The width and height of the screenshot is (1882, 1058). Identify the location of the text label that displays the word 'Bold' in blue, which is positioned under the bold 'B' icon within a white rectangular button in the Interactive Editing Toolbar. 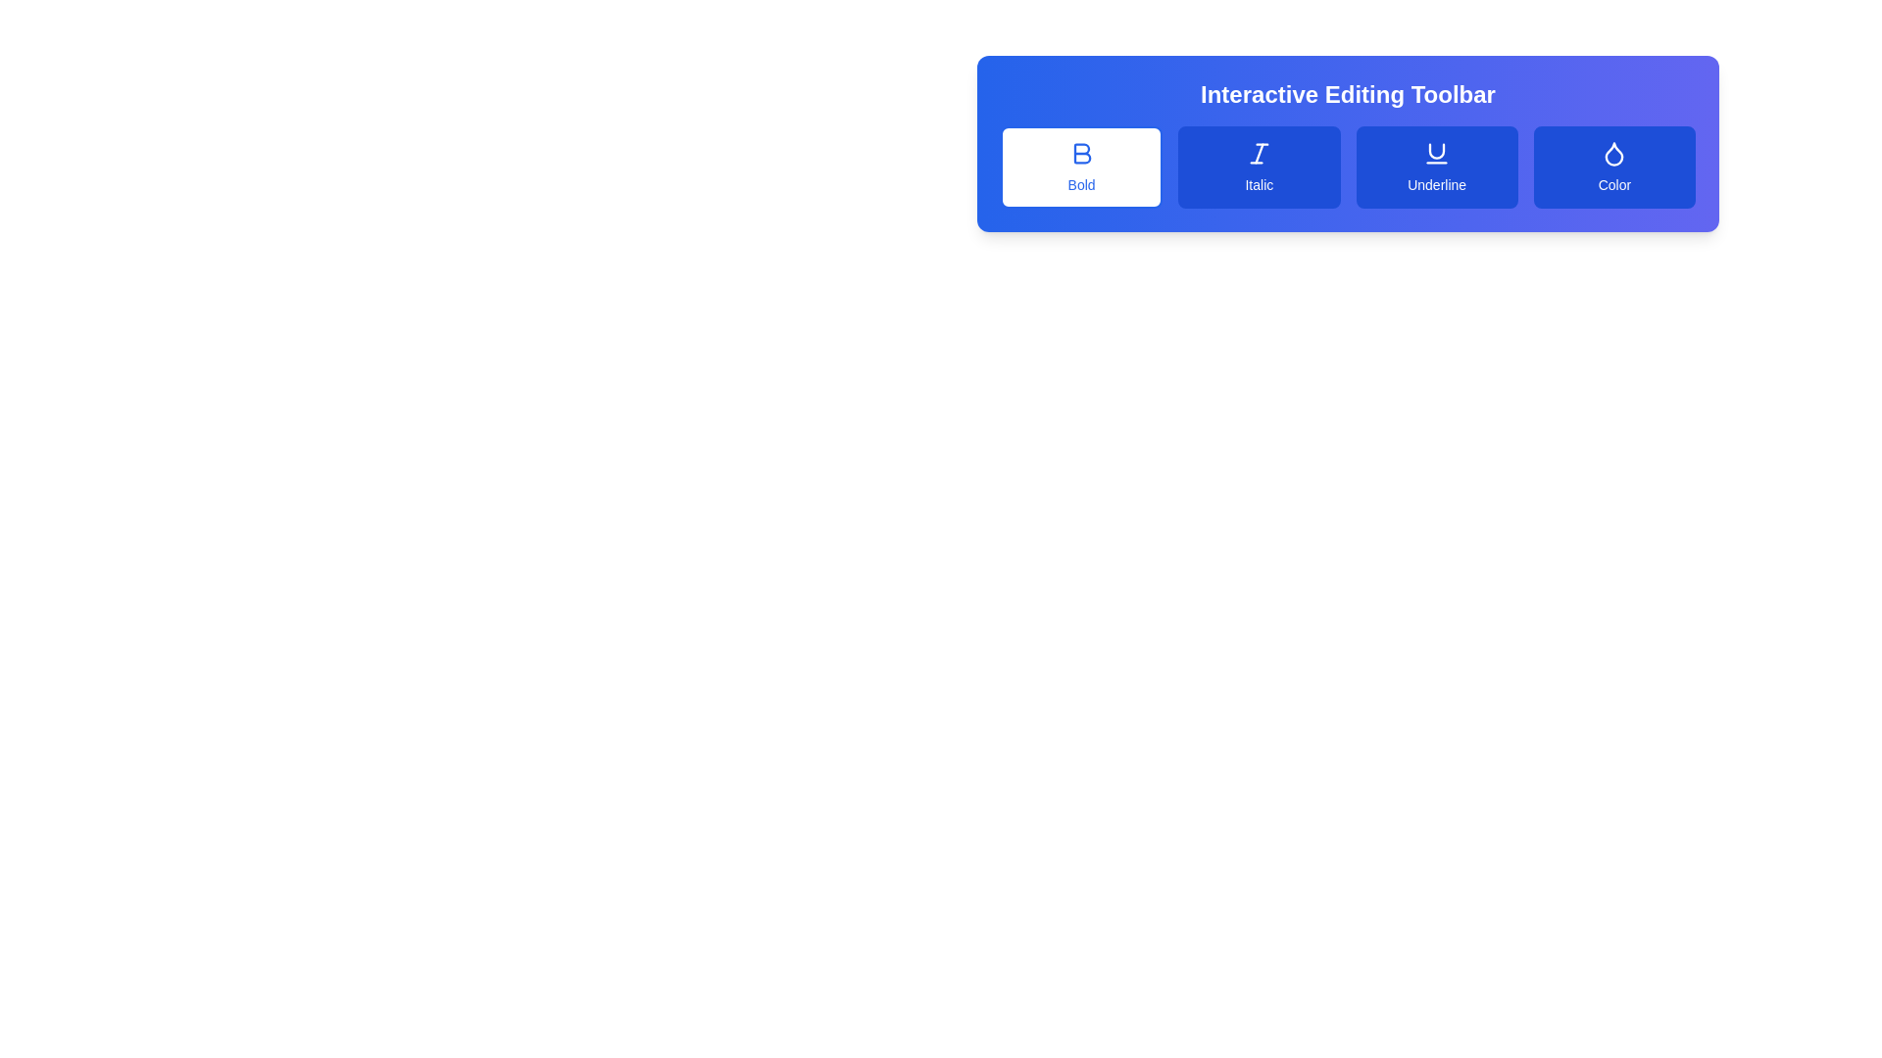
(1080, 185).